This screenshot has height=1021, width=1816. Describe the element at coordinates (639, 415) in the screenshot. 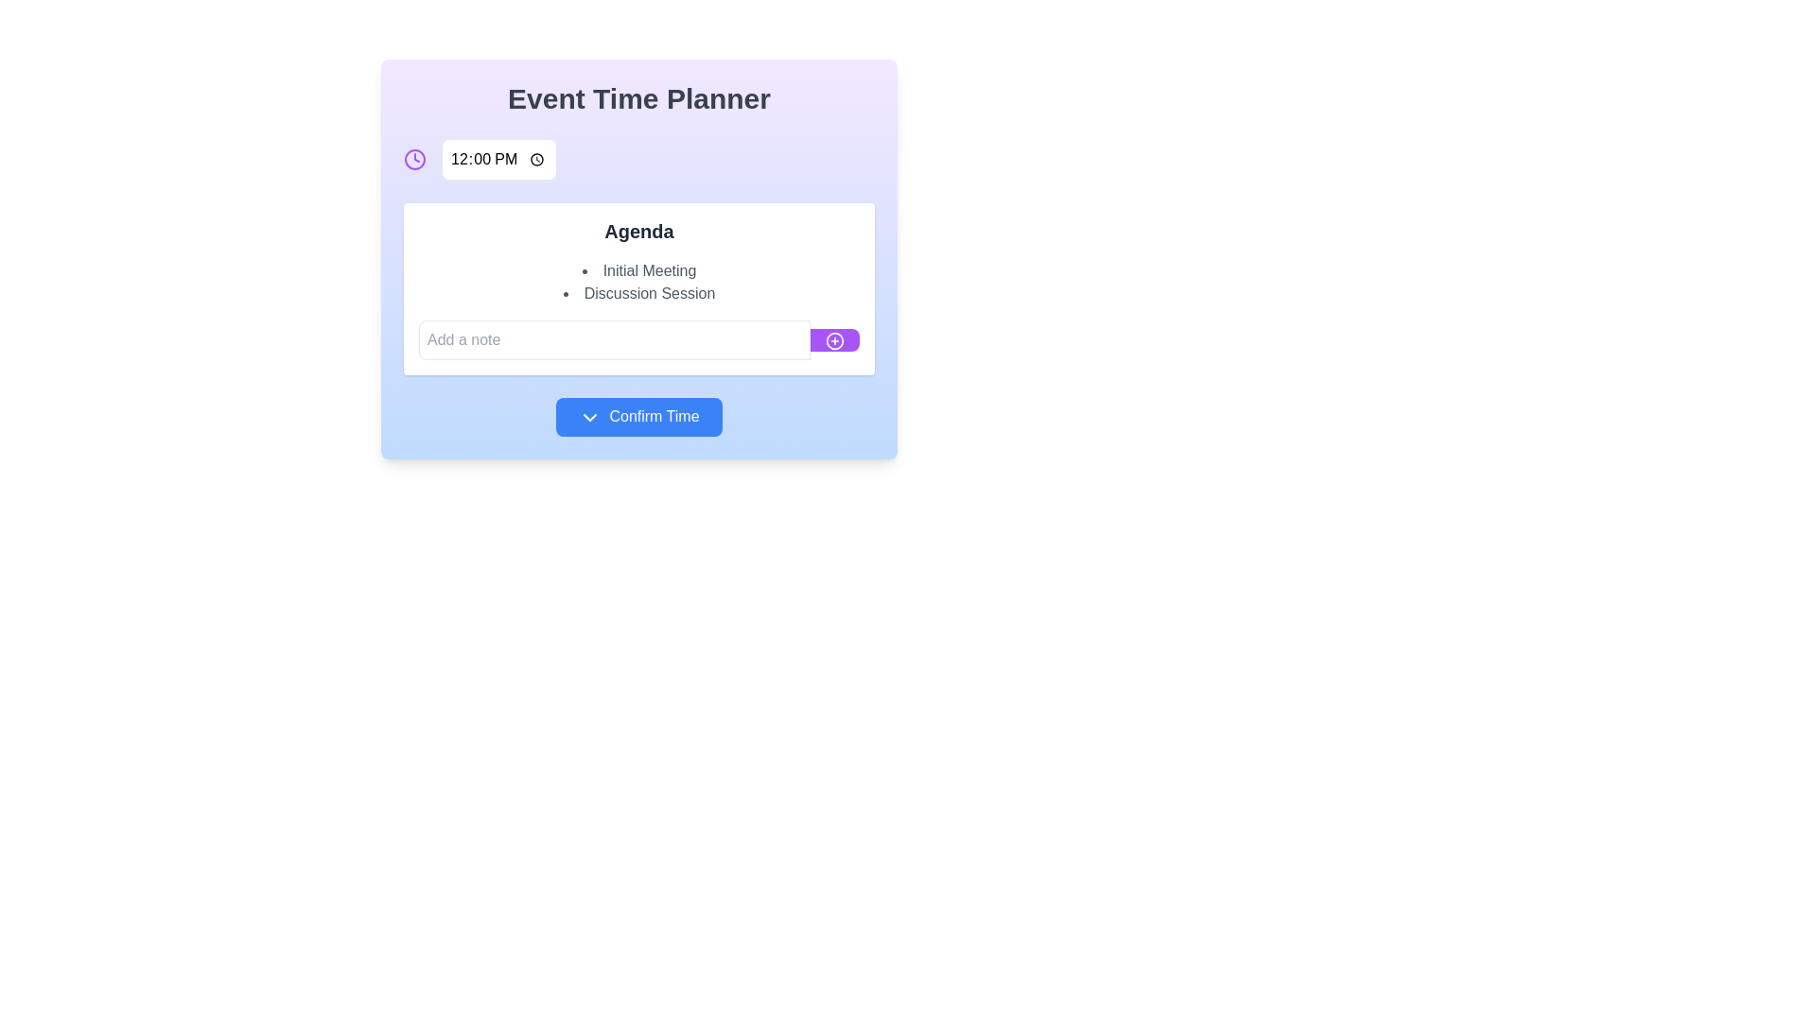

I see `the rectangular blue button labeled 'Confirm Time' with a downward arrow icon, located at the bottom center of the 'Event Time Planner' card to experience the hover effect` at that location.